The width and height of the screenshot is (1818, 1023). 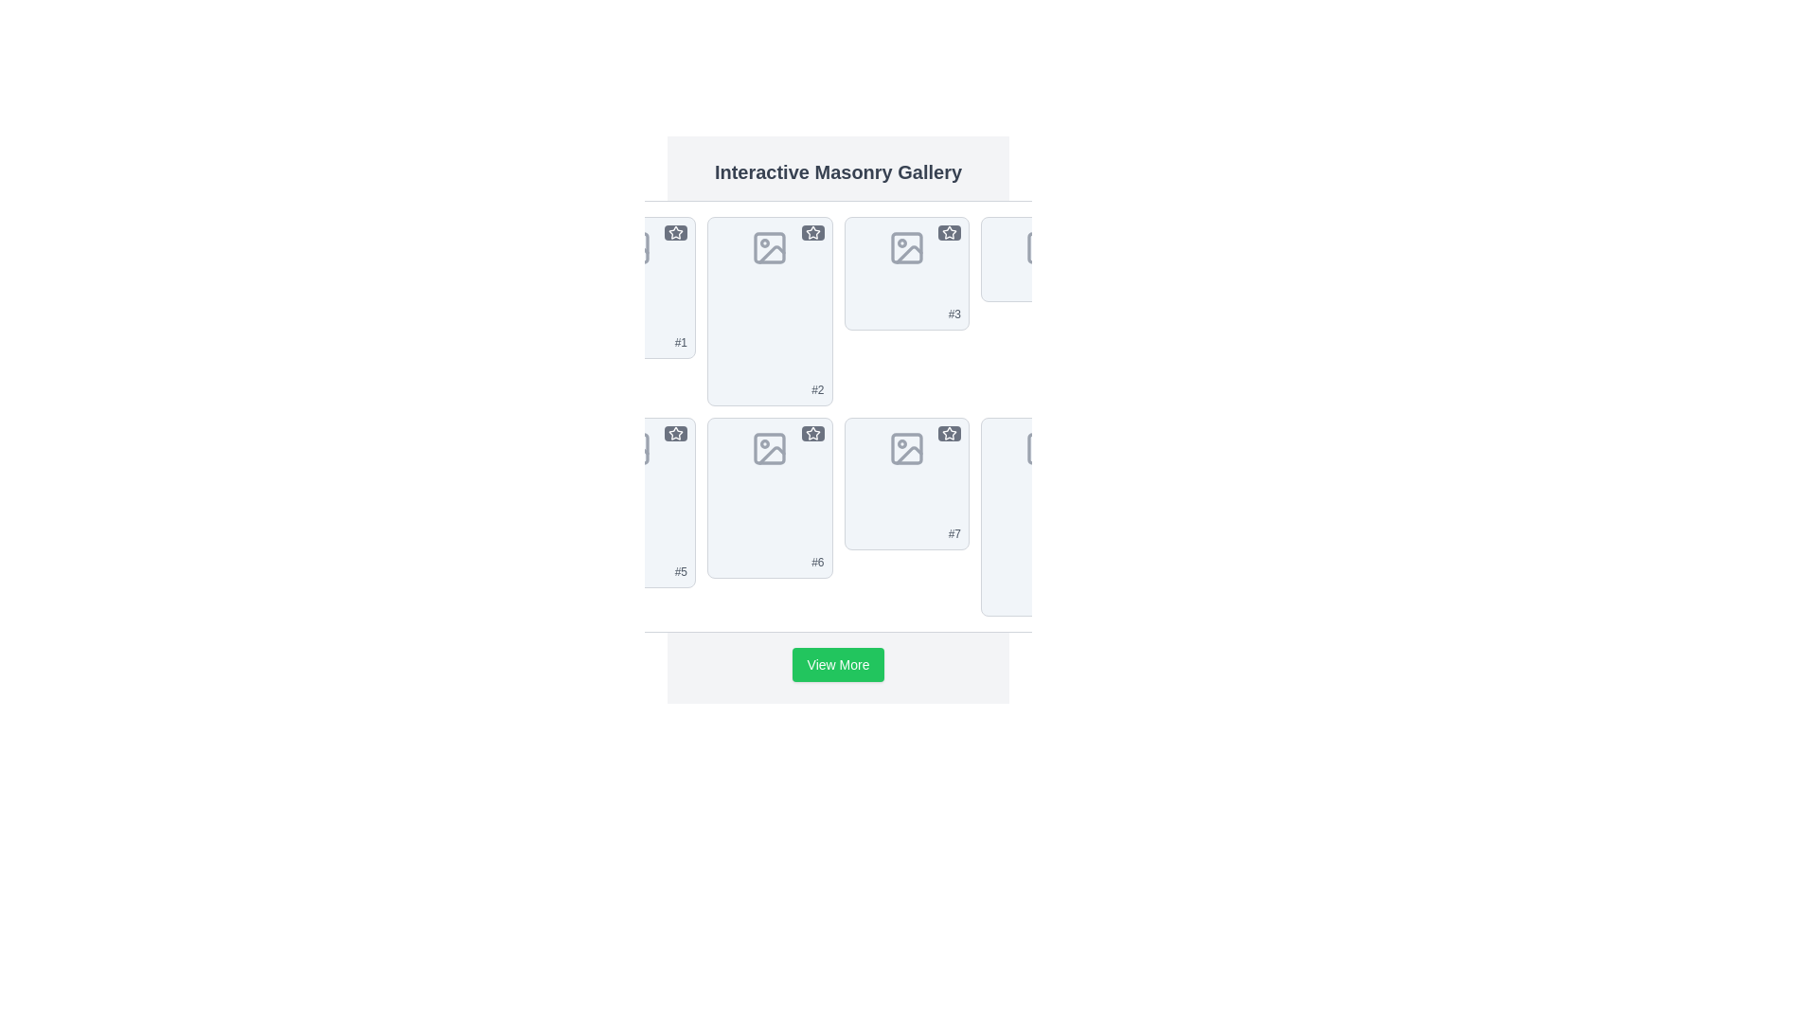 What do you see at coordinates (676, 232) in the screenshot?
I see `the small star-shaped icon button located in the top-right corner of the first card in the grid layout` at bounding box center [676, 232].